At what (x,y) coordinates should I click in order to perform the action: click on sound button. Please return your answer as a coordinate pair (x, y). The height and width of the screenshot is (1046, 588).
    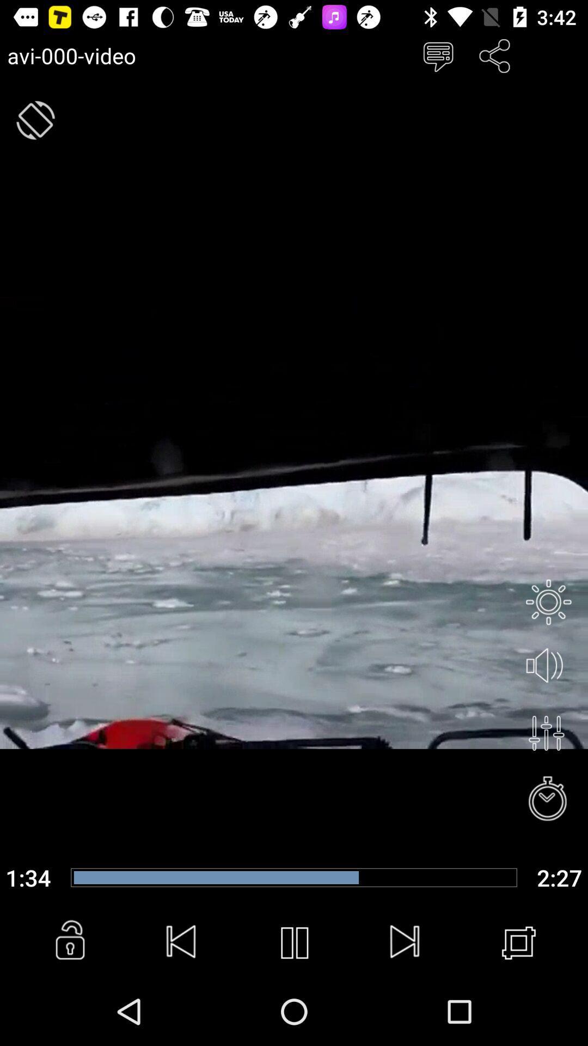
    Looking at the image, I should click on (548, 666).